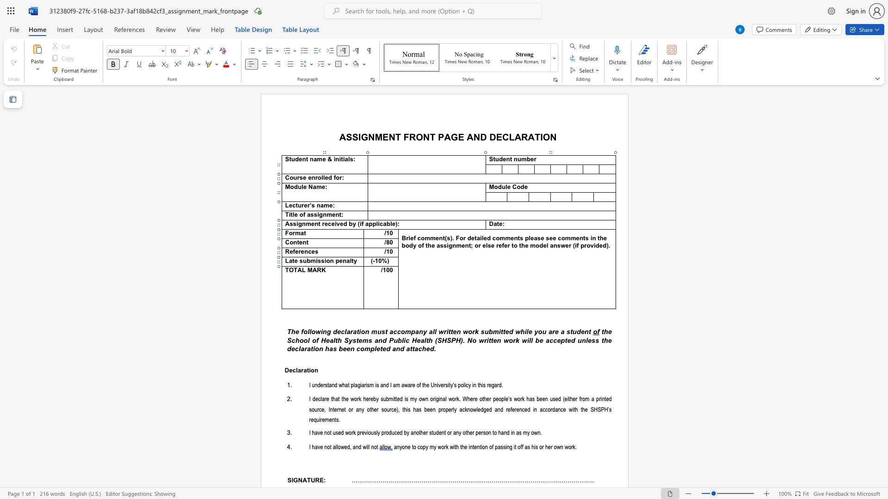 The height and width of the screenshot is (499, 888). Describe the element at coordinates (581, 409) in the screenshot. I see `the 1th character "t" in the text` at that location.